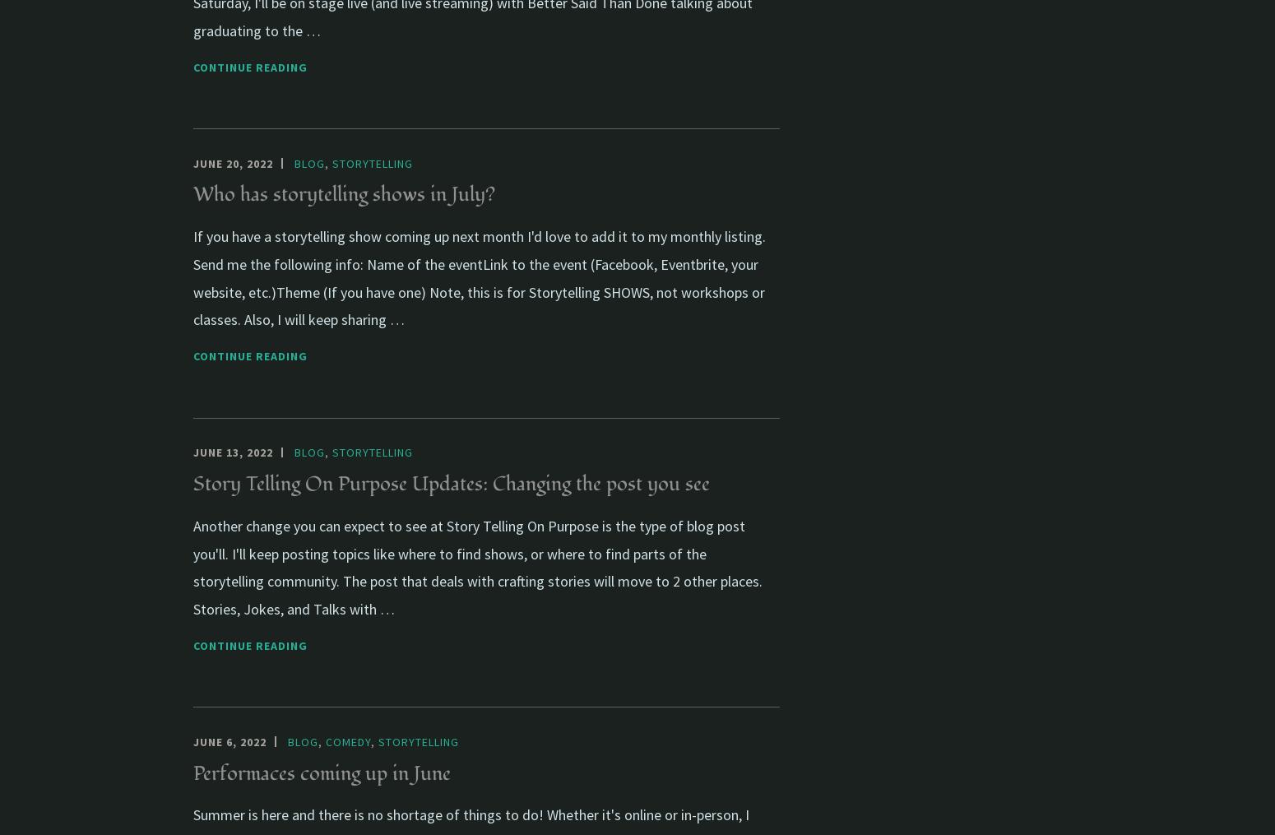 This screenshot has width=1275, height=835. Describe the element at coordinates (233, 162) in the screenshot. I see `'June 20, 2022'` at that location.